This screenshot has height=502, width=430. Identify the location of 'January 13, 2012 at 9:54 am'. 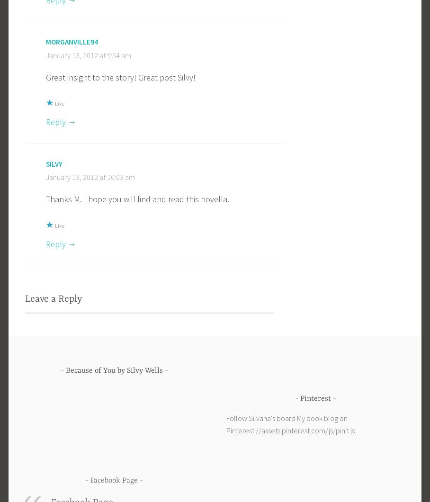
(88, 54).